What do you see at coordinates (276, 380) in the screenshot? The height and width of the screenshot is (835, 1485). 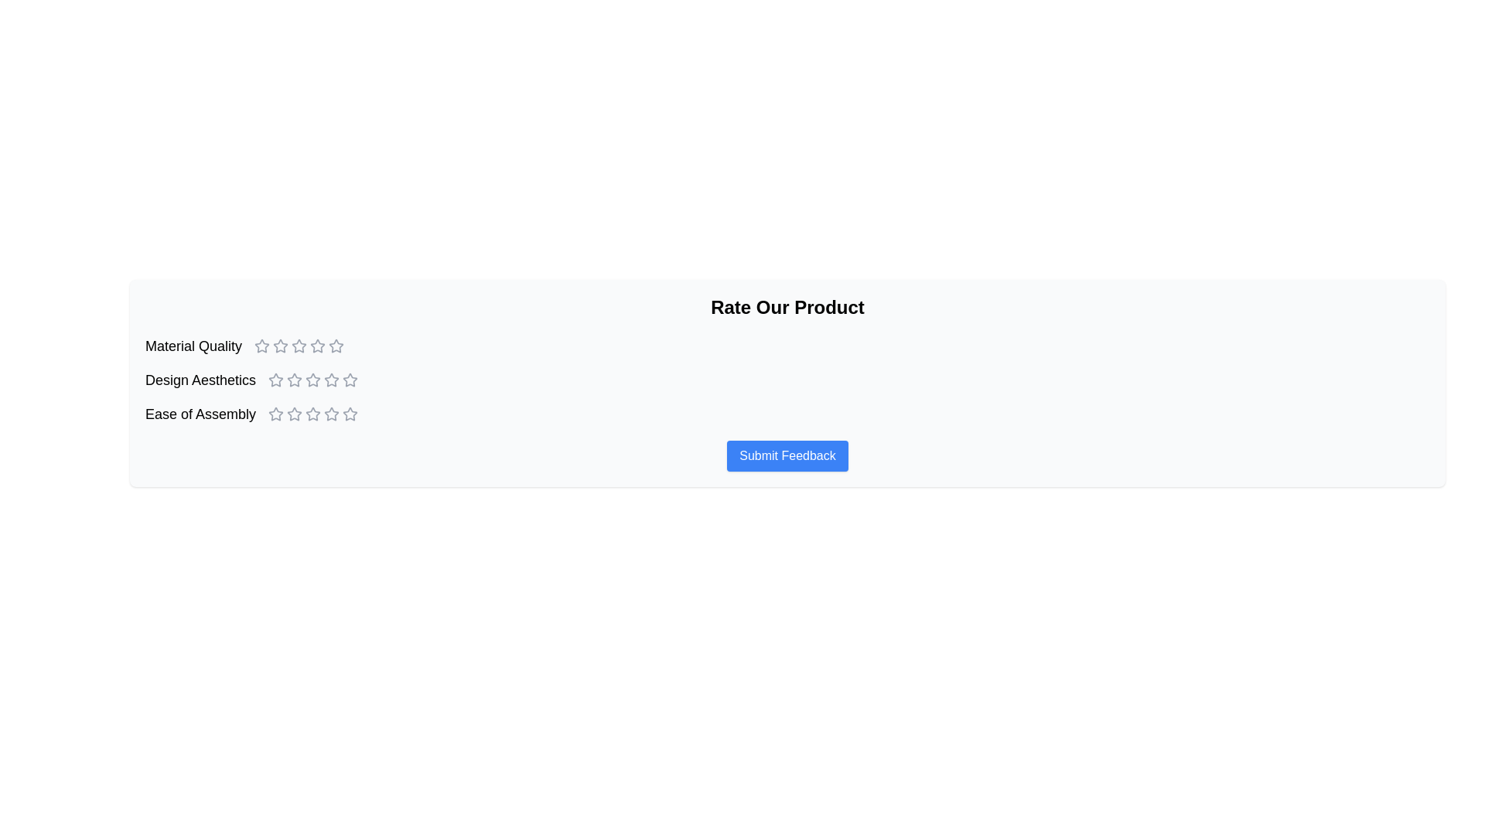 I see `the first clickable star icon styled in gray, located next to the 'Design Aesthetics' text` at bounding box center [276, 380].